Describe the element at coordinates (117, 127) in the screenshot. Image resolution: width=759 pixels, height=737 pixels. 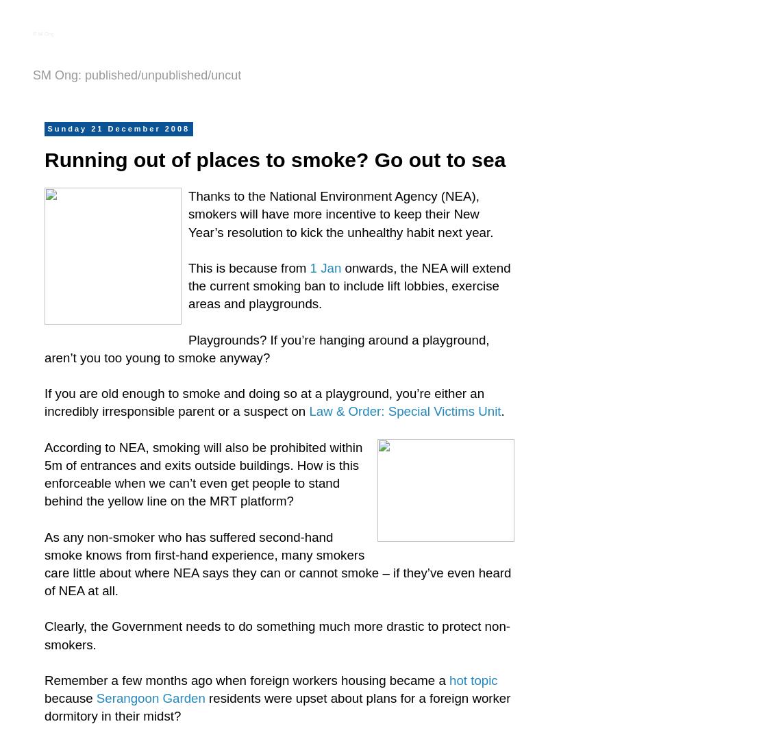
I see `'Sunday 21 December 2008'` at that location.